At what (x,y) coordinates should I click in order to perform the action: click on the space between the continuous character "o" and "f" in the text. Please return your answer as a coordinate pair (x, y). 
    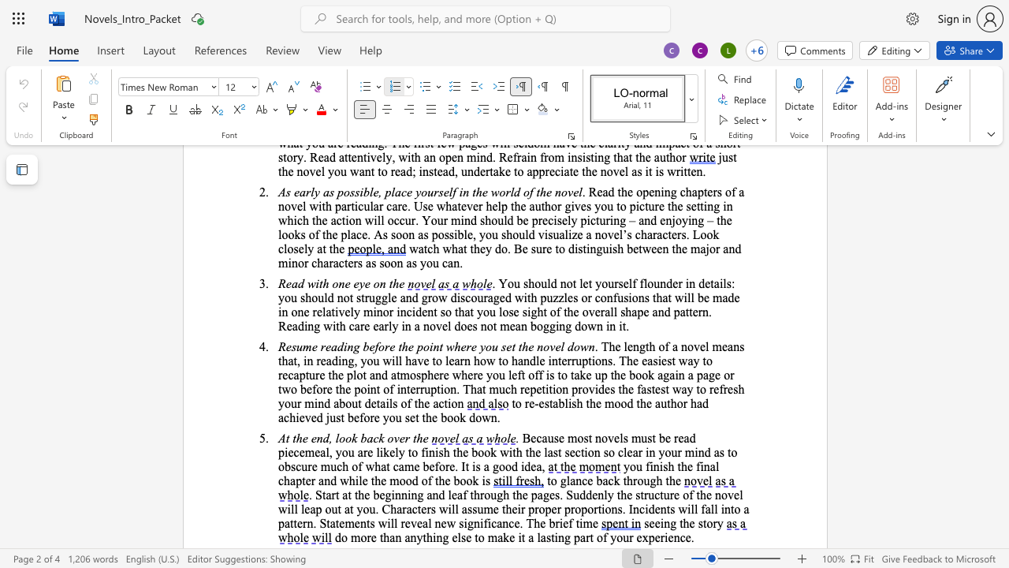
    Looking at the image, I should click on (406, 402).